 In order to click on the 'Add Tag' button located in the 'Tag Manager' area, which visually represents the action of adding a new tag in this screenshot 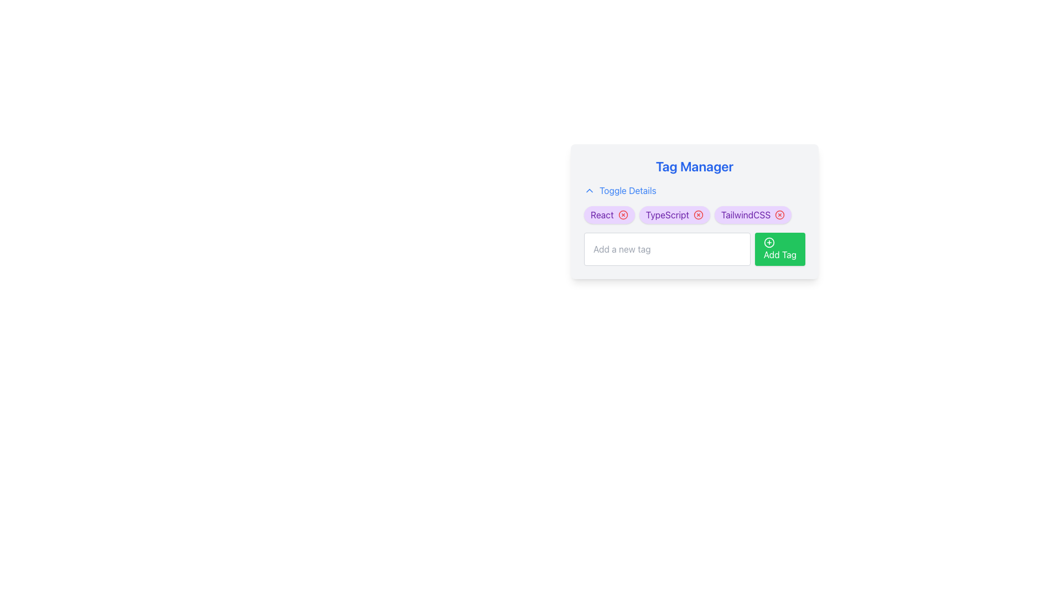, I will do `click(768, 242)`.